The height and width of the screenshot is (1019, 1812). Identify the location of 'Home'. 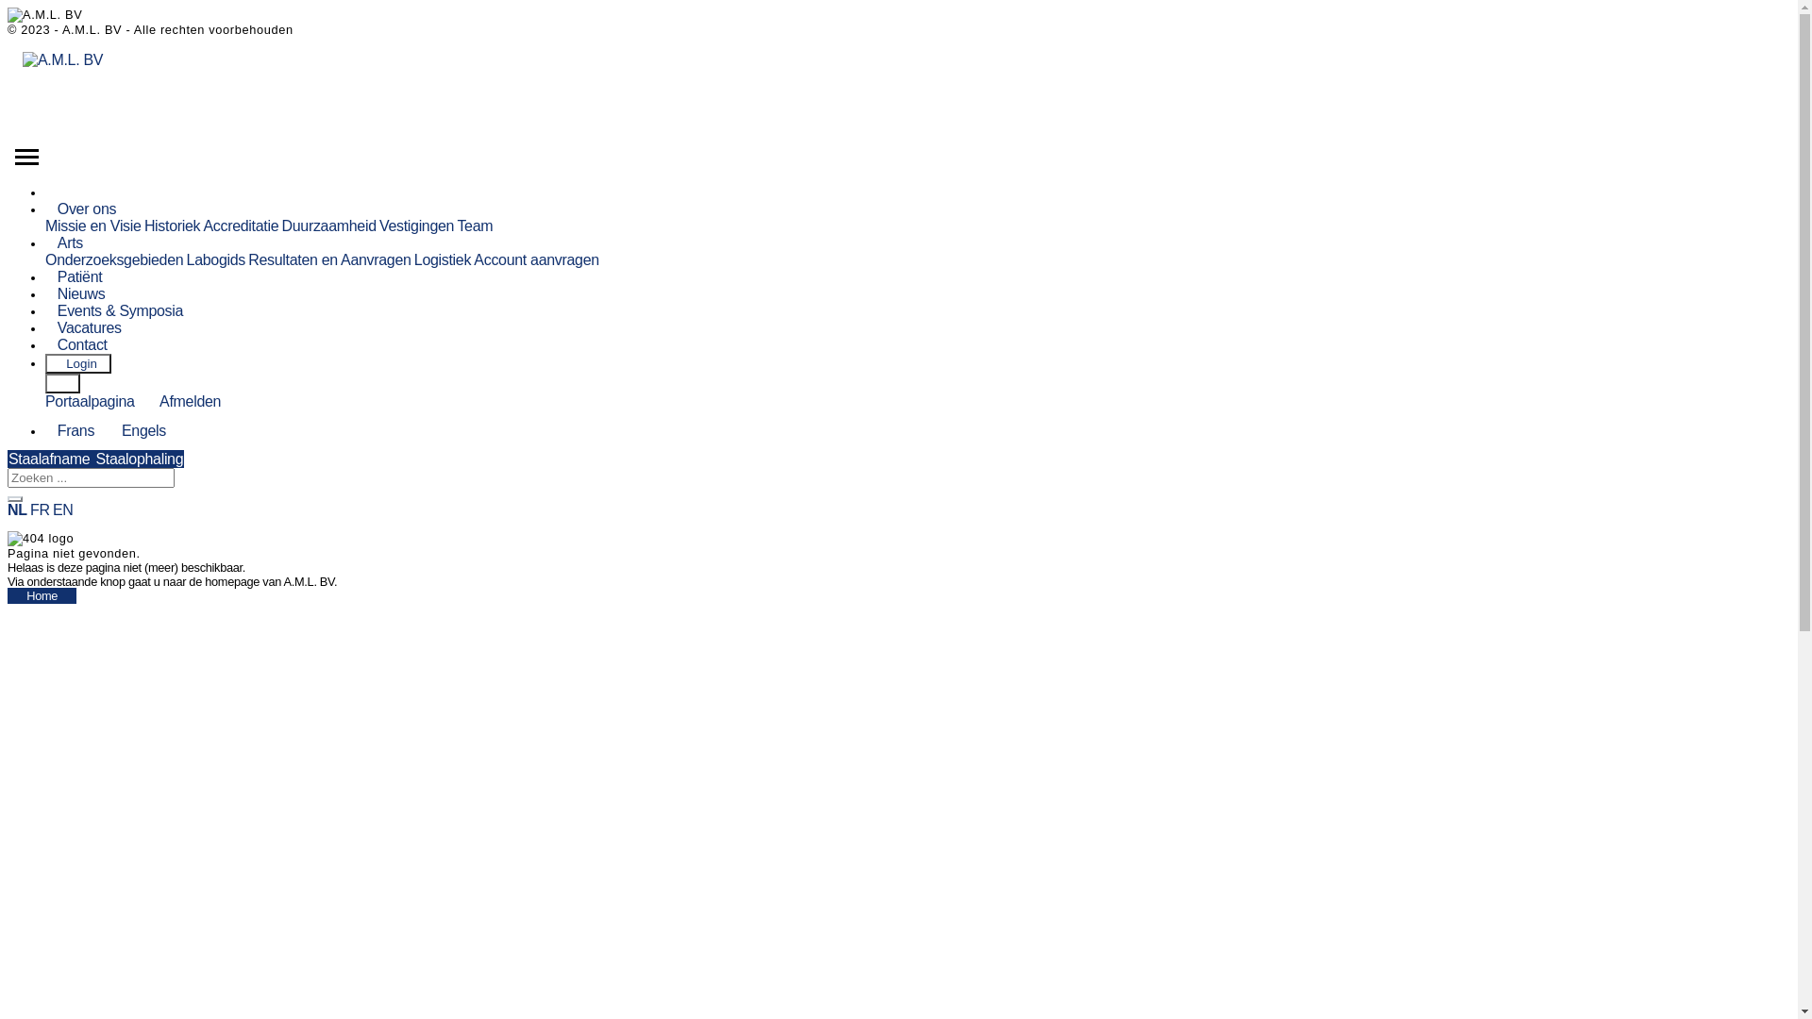
(42, 595).